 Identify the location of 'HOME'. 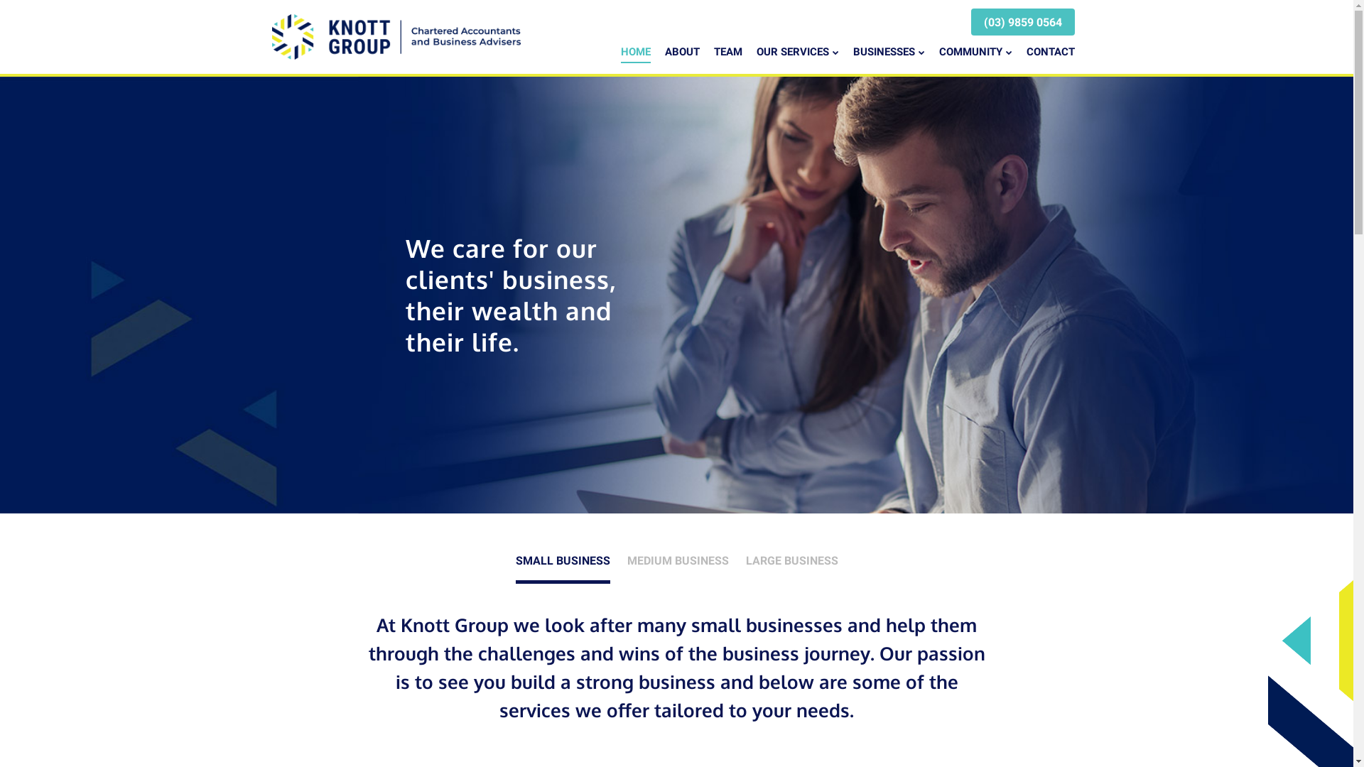
(634, 52).